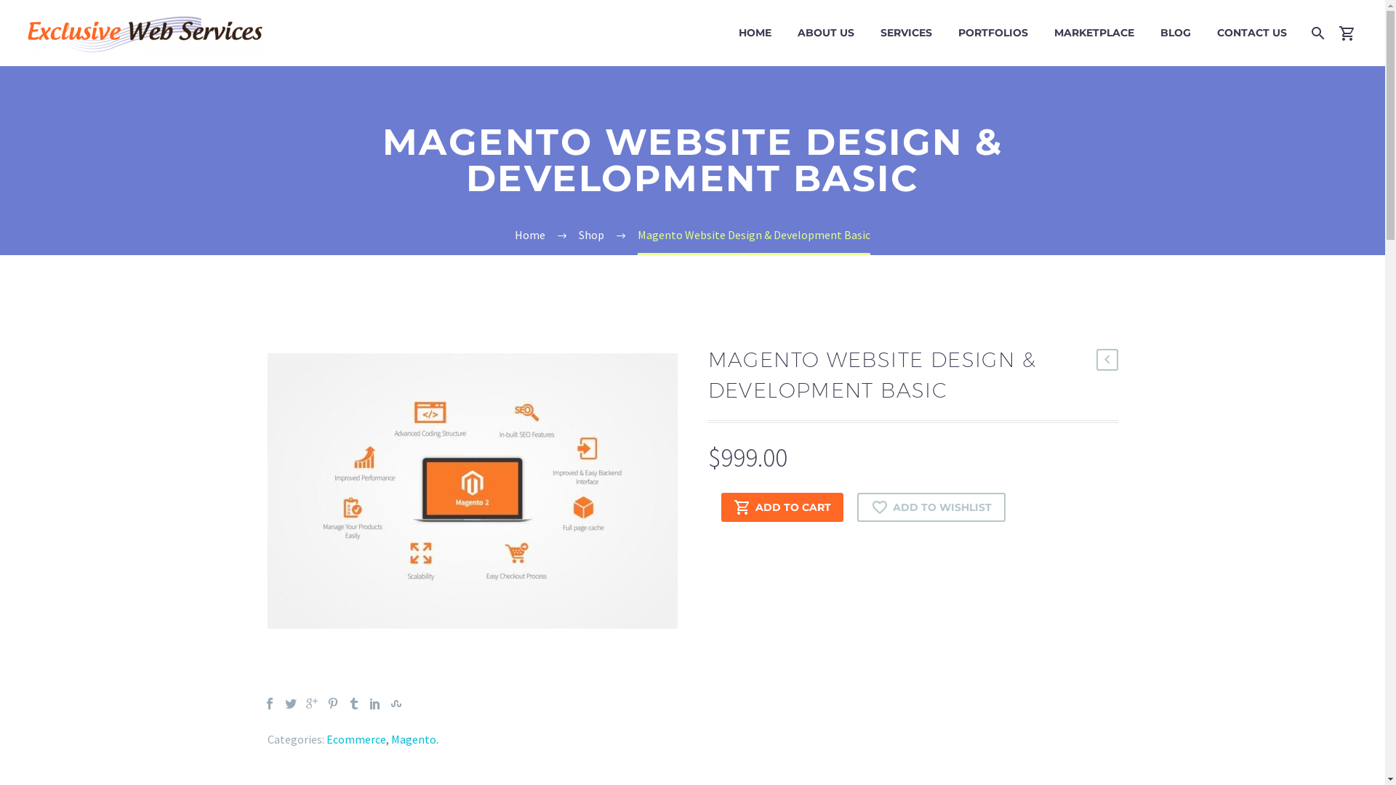  I want to click on 'Magento', so click(413, 739).